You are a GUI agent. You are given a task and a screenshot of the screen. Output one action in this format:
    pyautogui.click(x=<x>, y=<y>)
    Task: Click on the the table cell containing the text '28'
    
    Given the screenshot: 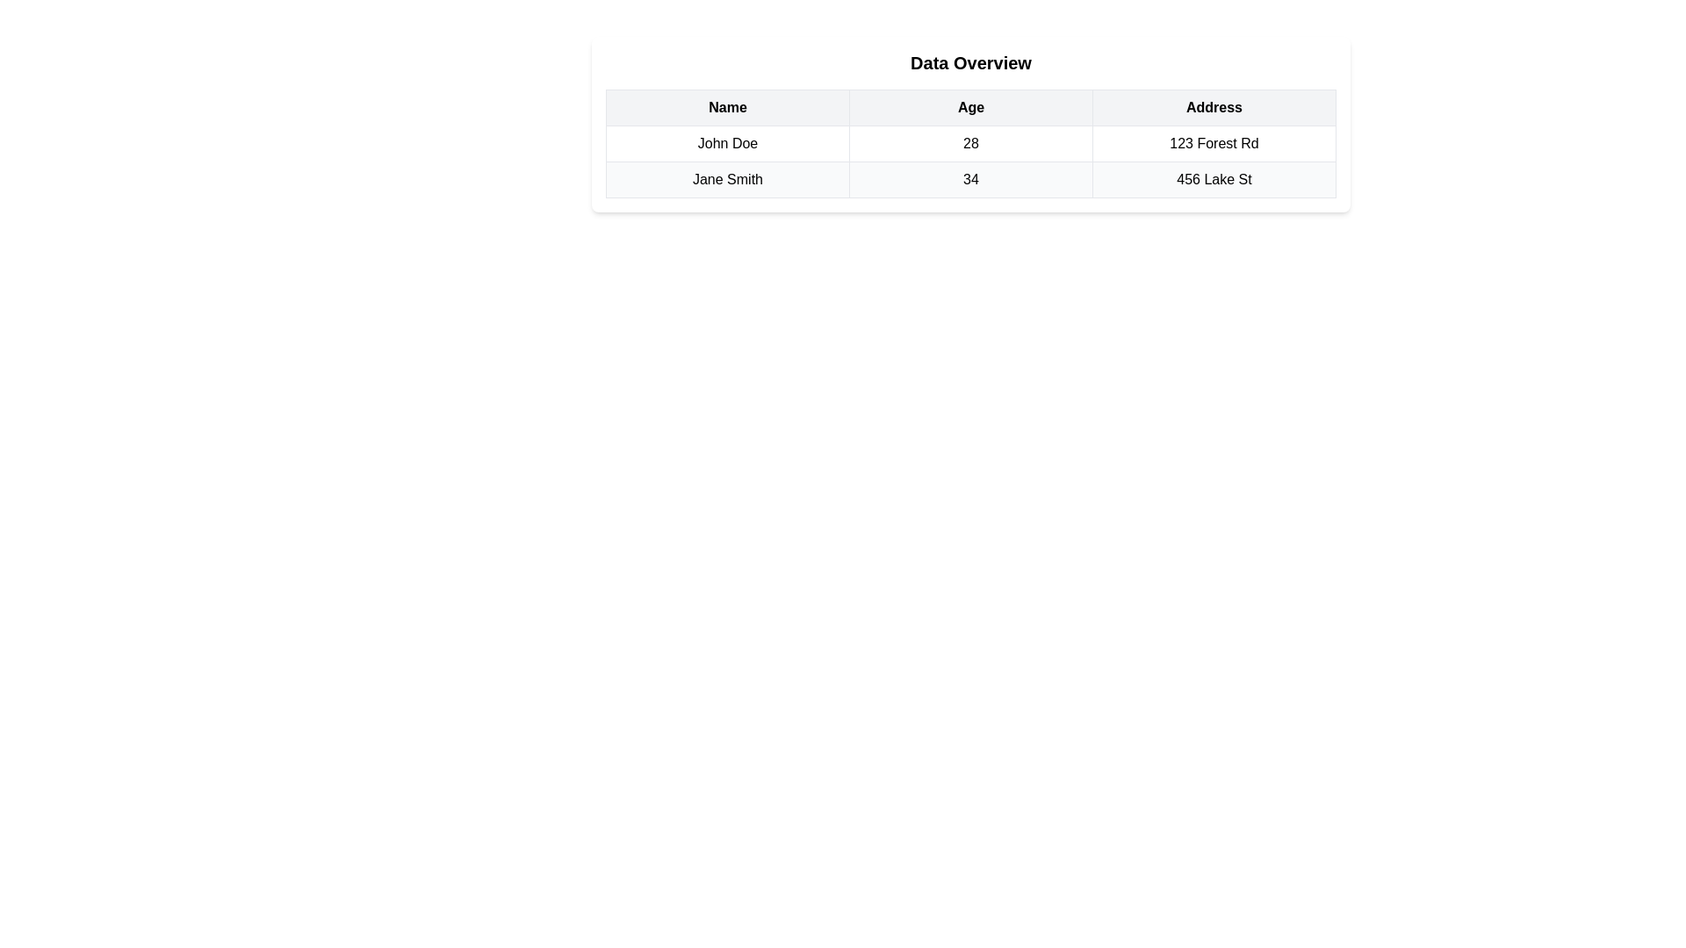 What is the action you would take?
    pyautogui.click(x=969, y=143)
    